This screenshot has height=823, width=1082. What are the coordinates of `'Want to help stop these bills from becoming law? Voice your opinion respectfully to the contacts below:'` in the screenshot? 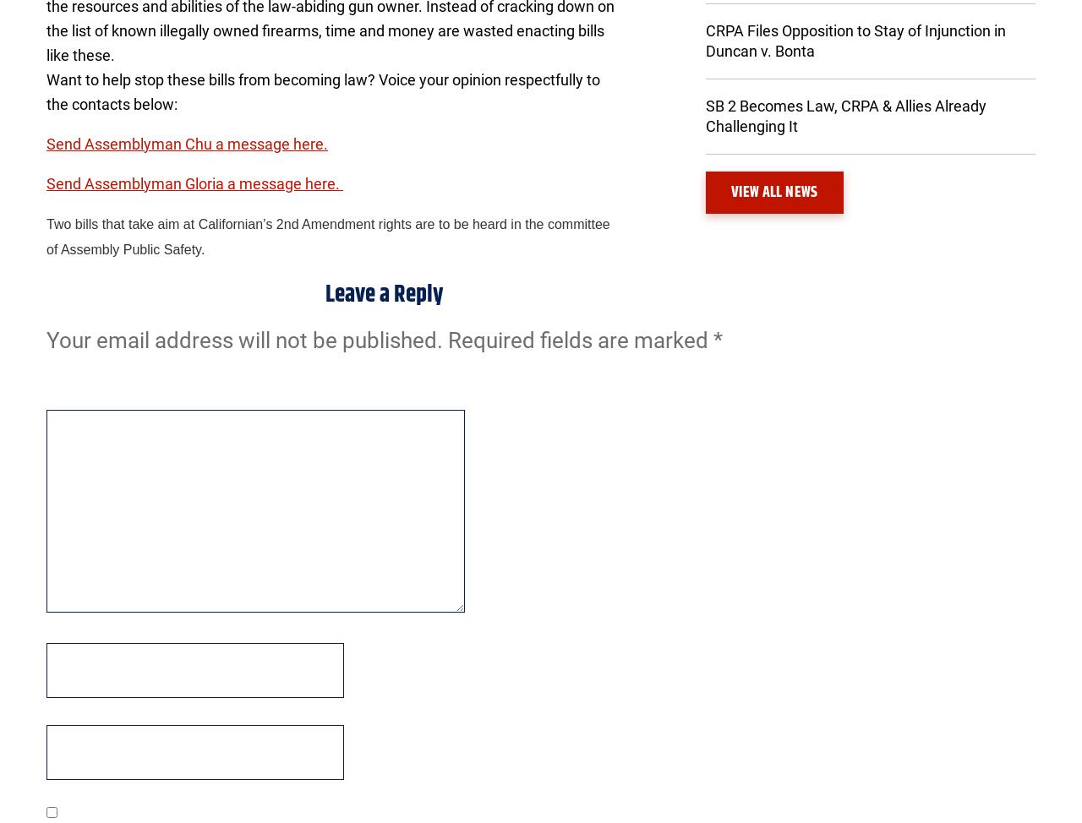 It's located at (323, 90).